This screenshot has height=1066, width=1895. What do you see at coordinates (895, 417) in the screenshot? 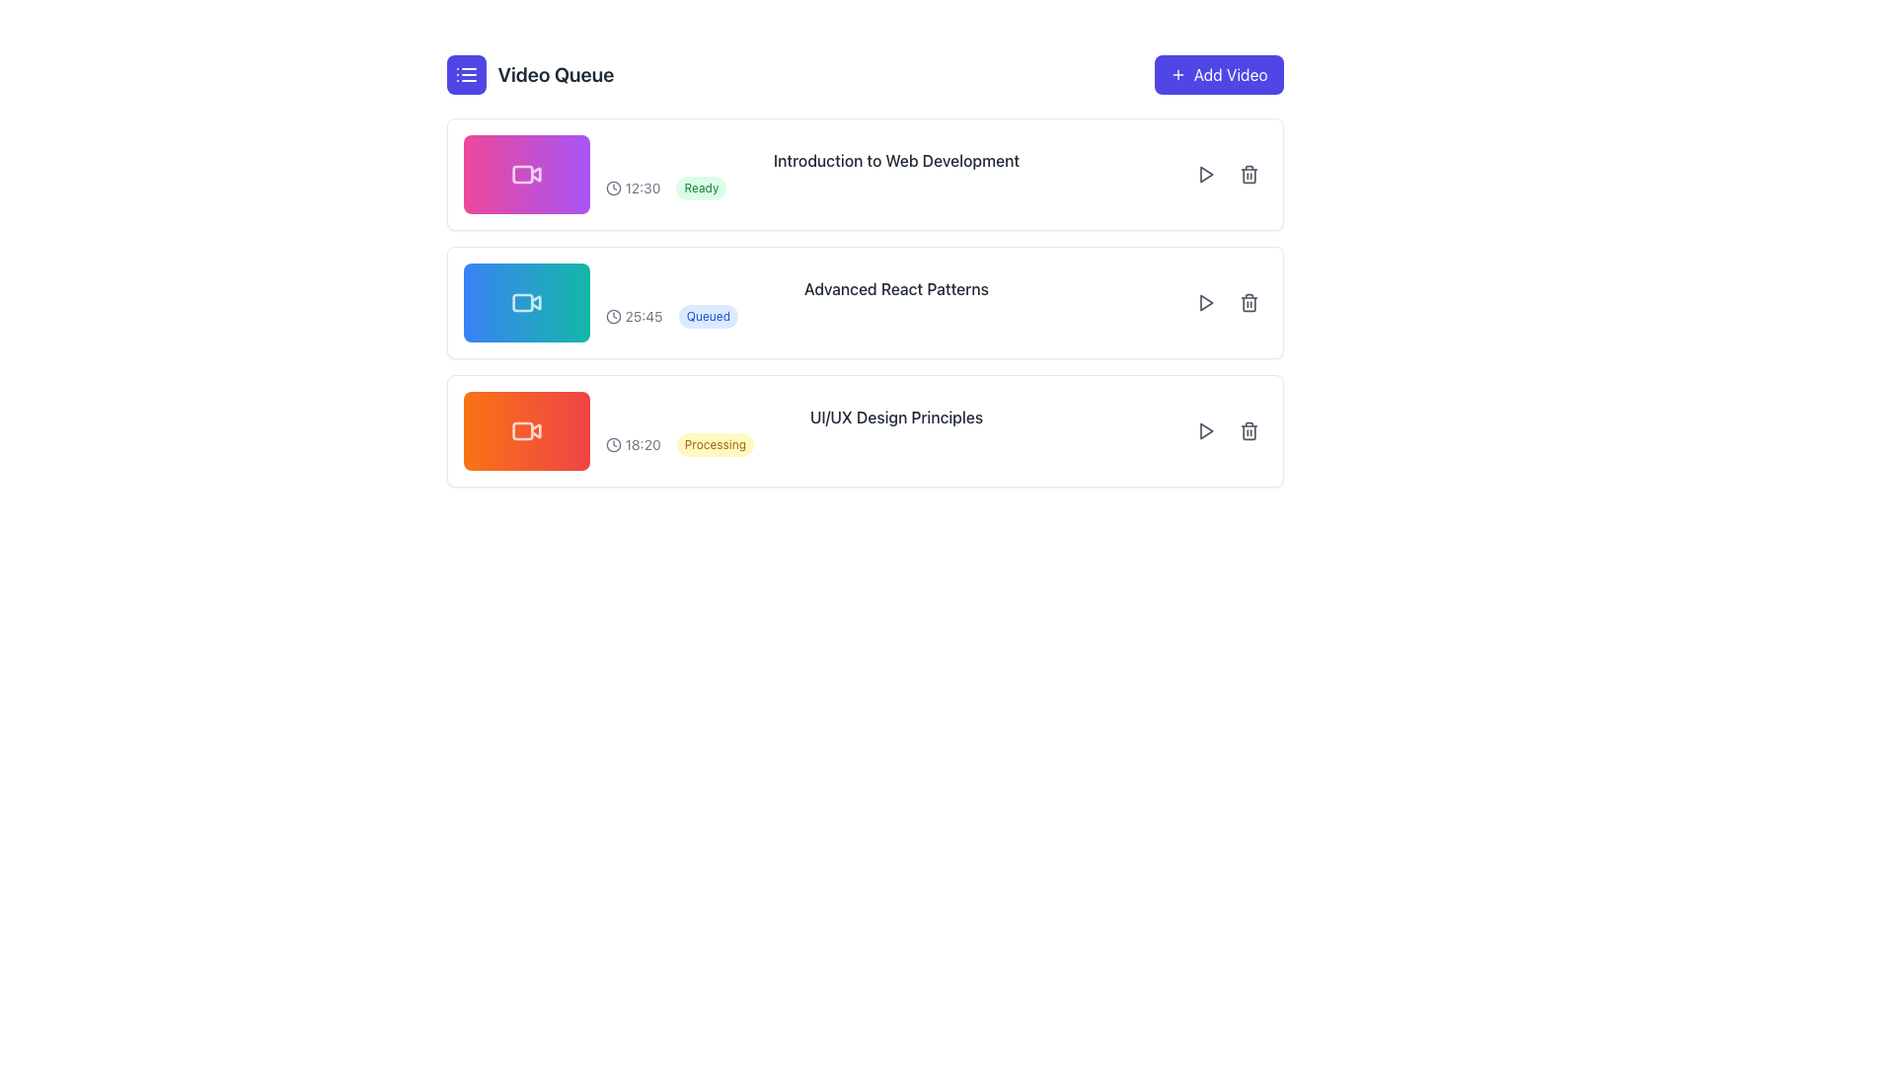
I see `the text label that serves as a title for the specific video entry in the third video row, located in the lower section of the interface` at bounding box center [895, 417].